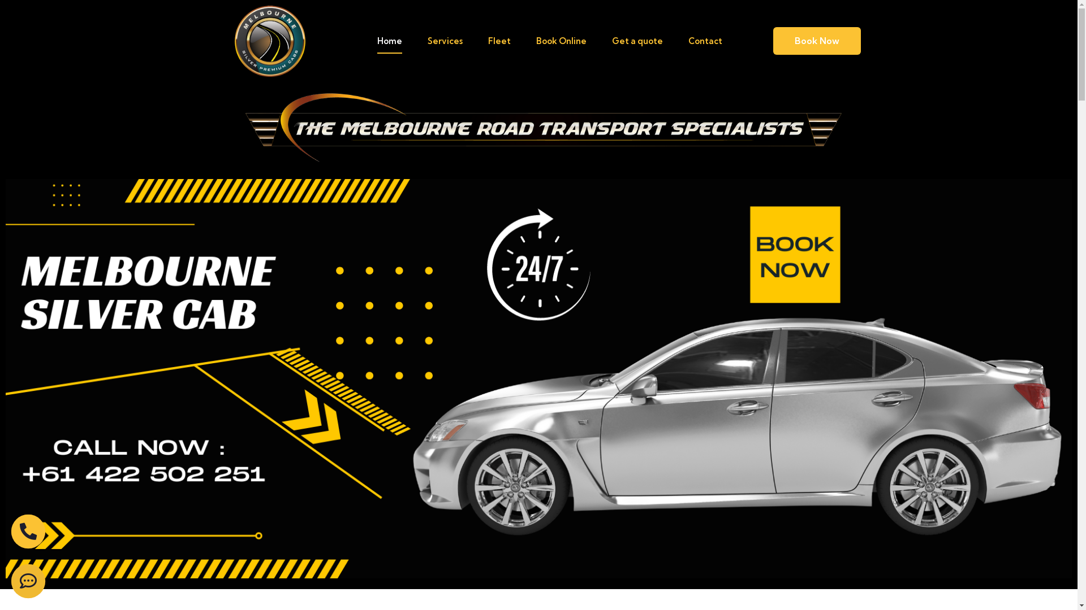 Image resolution: width=1086 pixels, height=610 pixels. Describe the element at coordinates (705, 40) in the screenshot. I see `'Contact'` at that location.